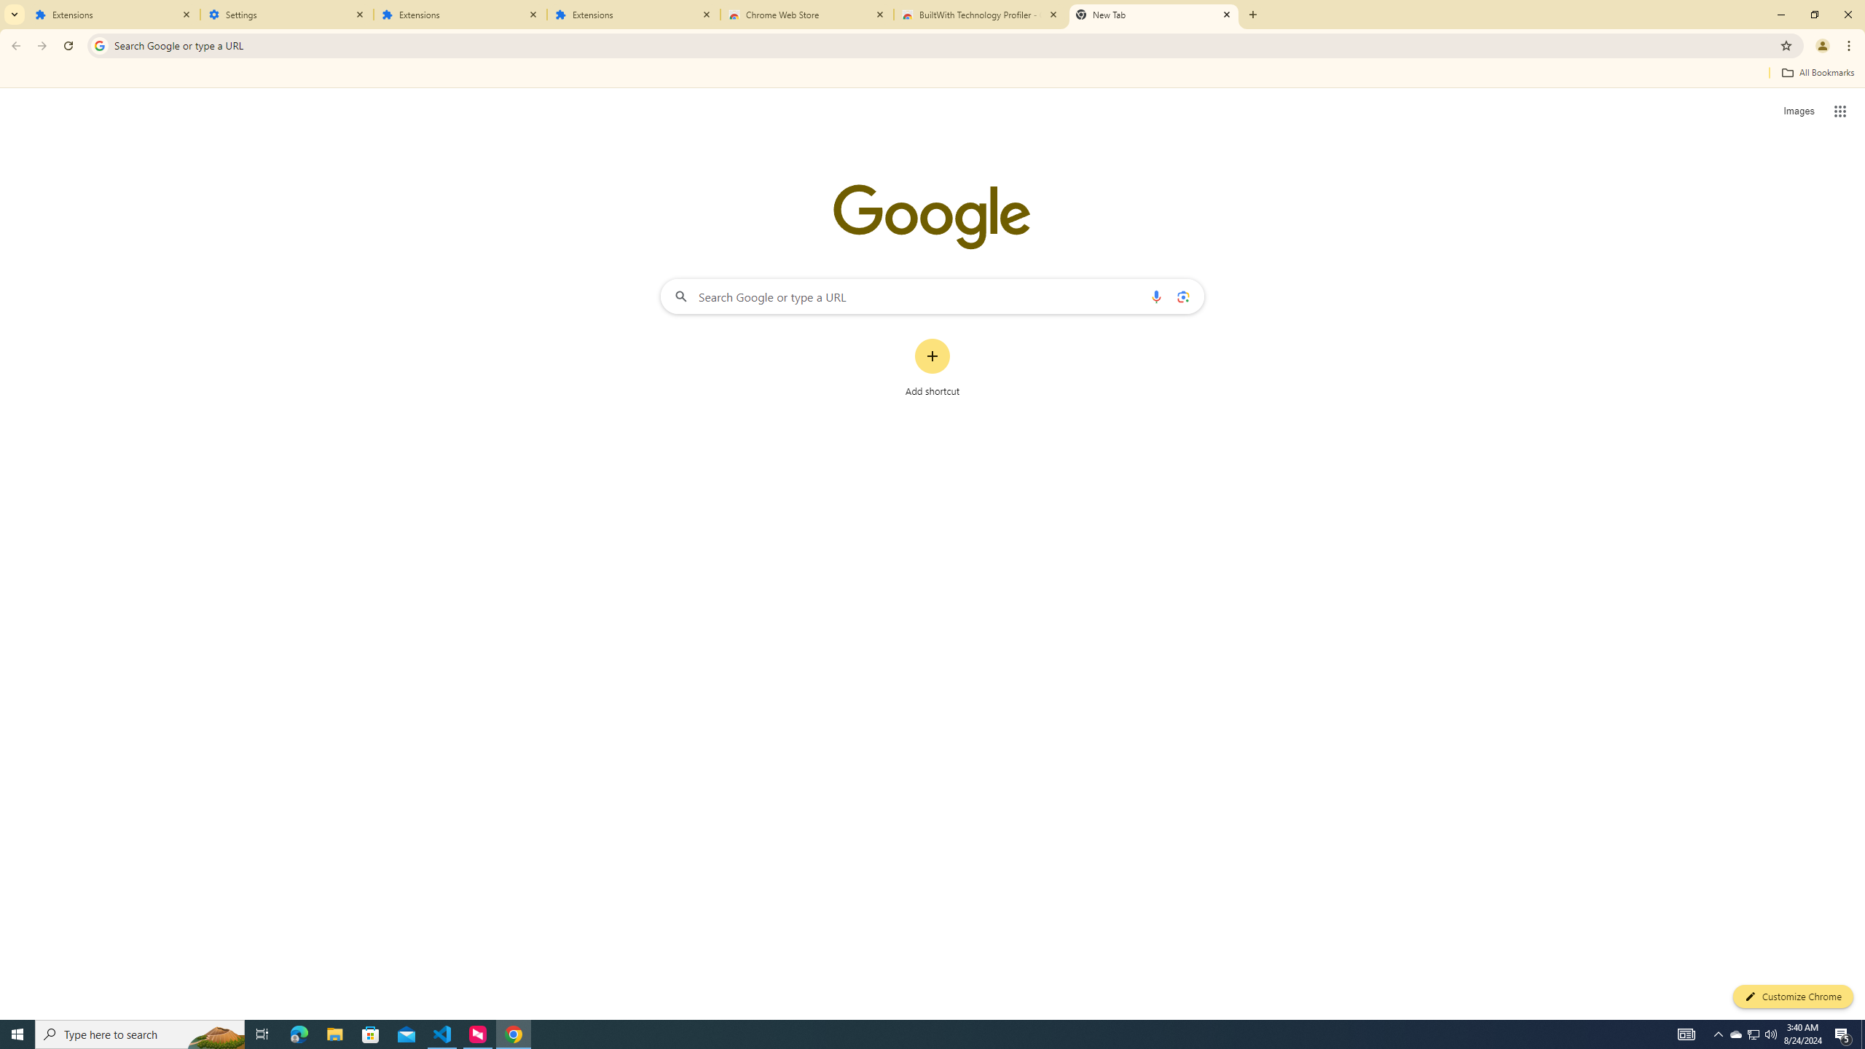  Describe the element at coordinates (68, 45) in the screenshot. I see `'Reload'` at that location.